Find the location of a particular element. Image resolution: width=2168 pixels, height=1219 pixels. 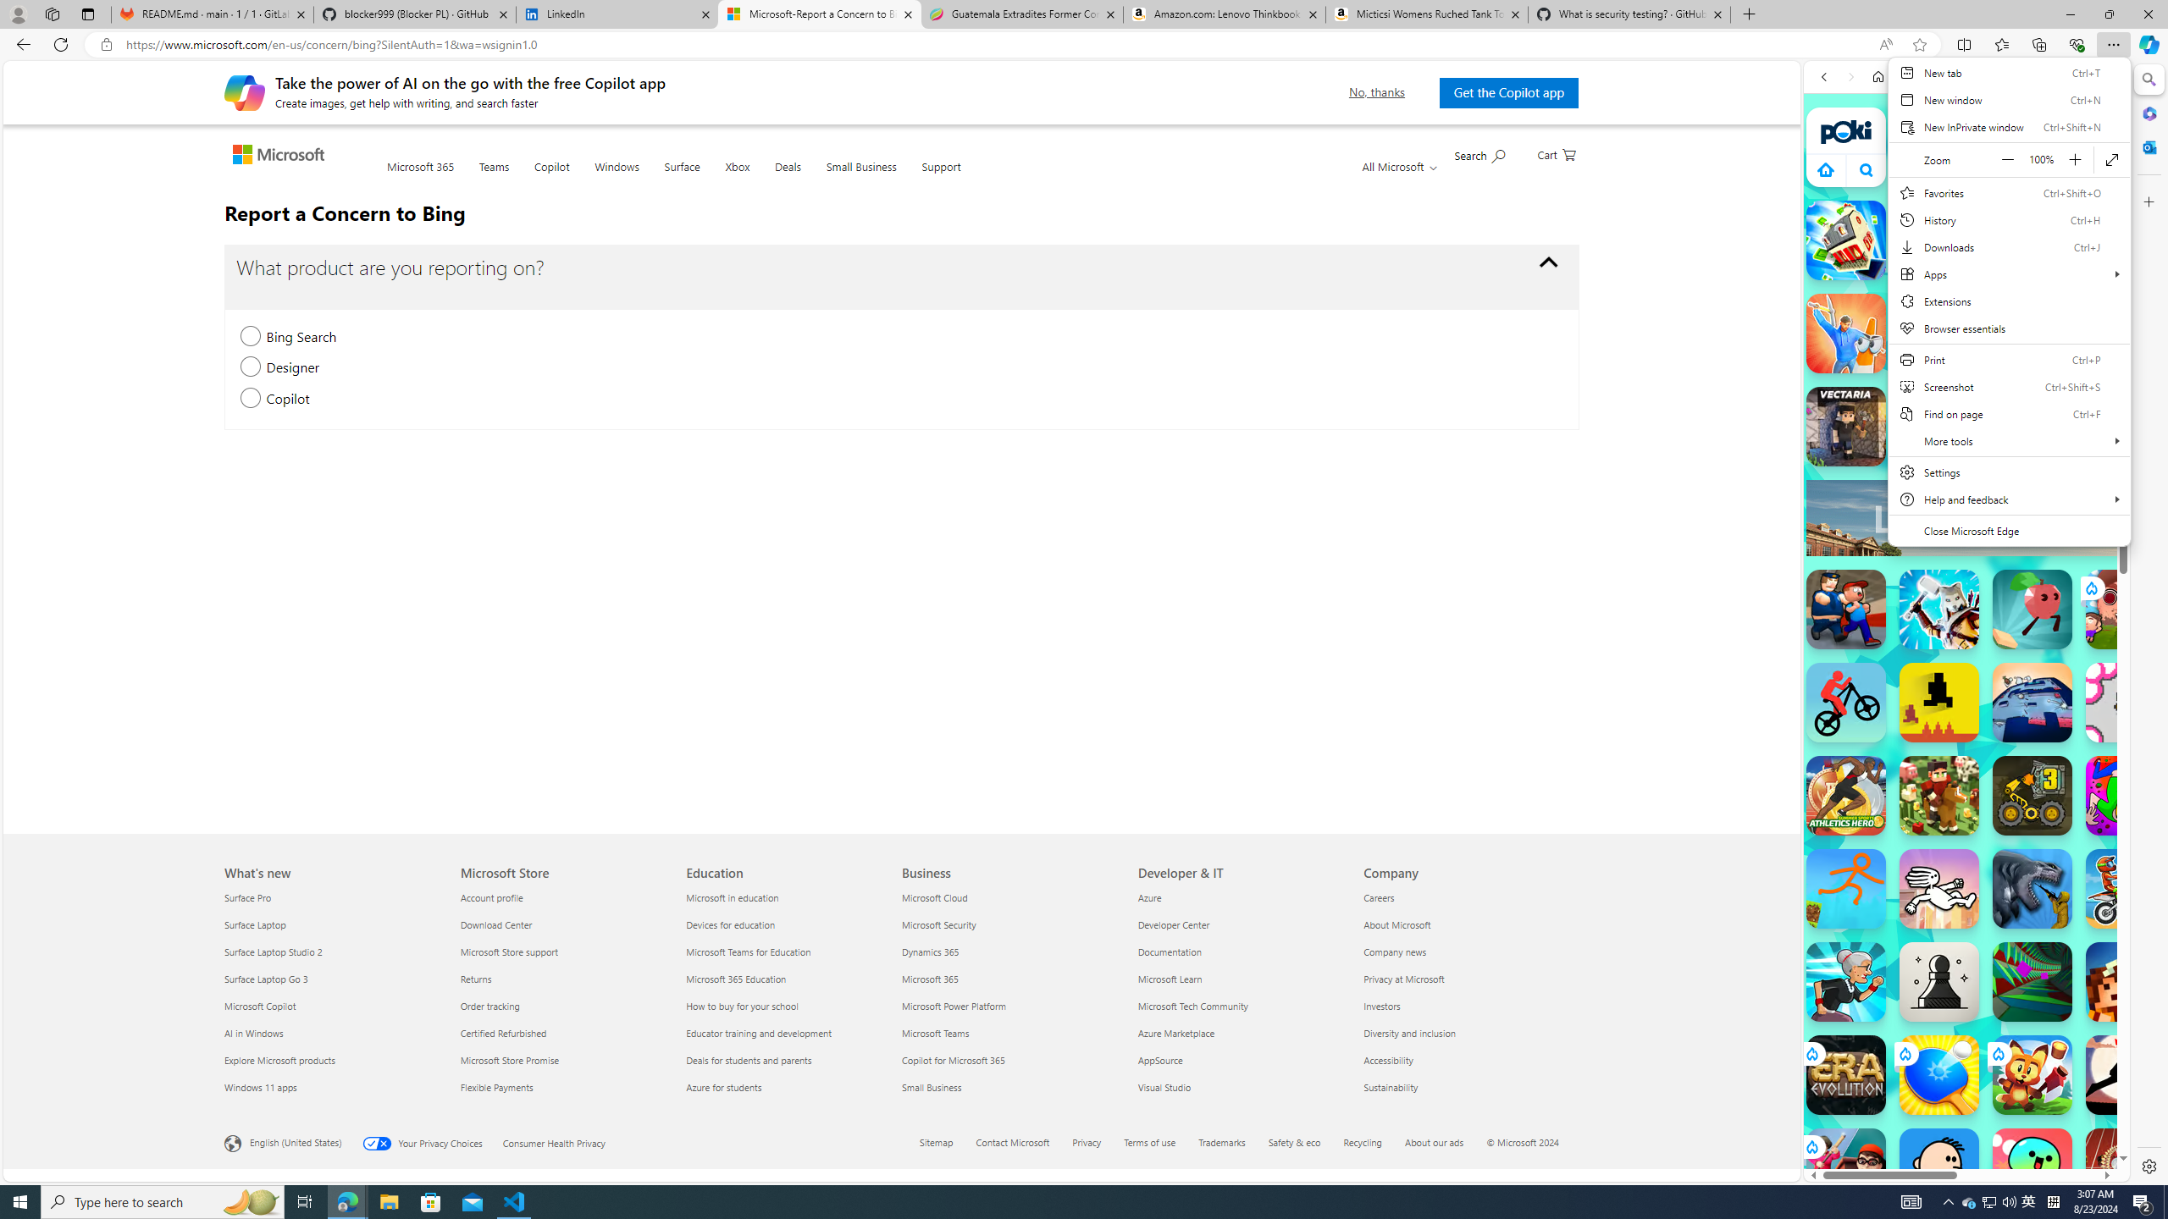

'AI in Windows What' is located at coordinates (253, 1032).